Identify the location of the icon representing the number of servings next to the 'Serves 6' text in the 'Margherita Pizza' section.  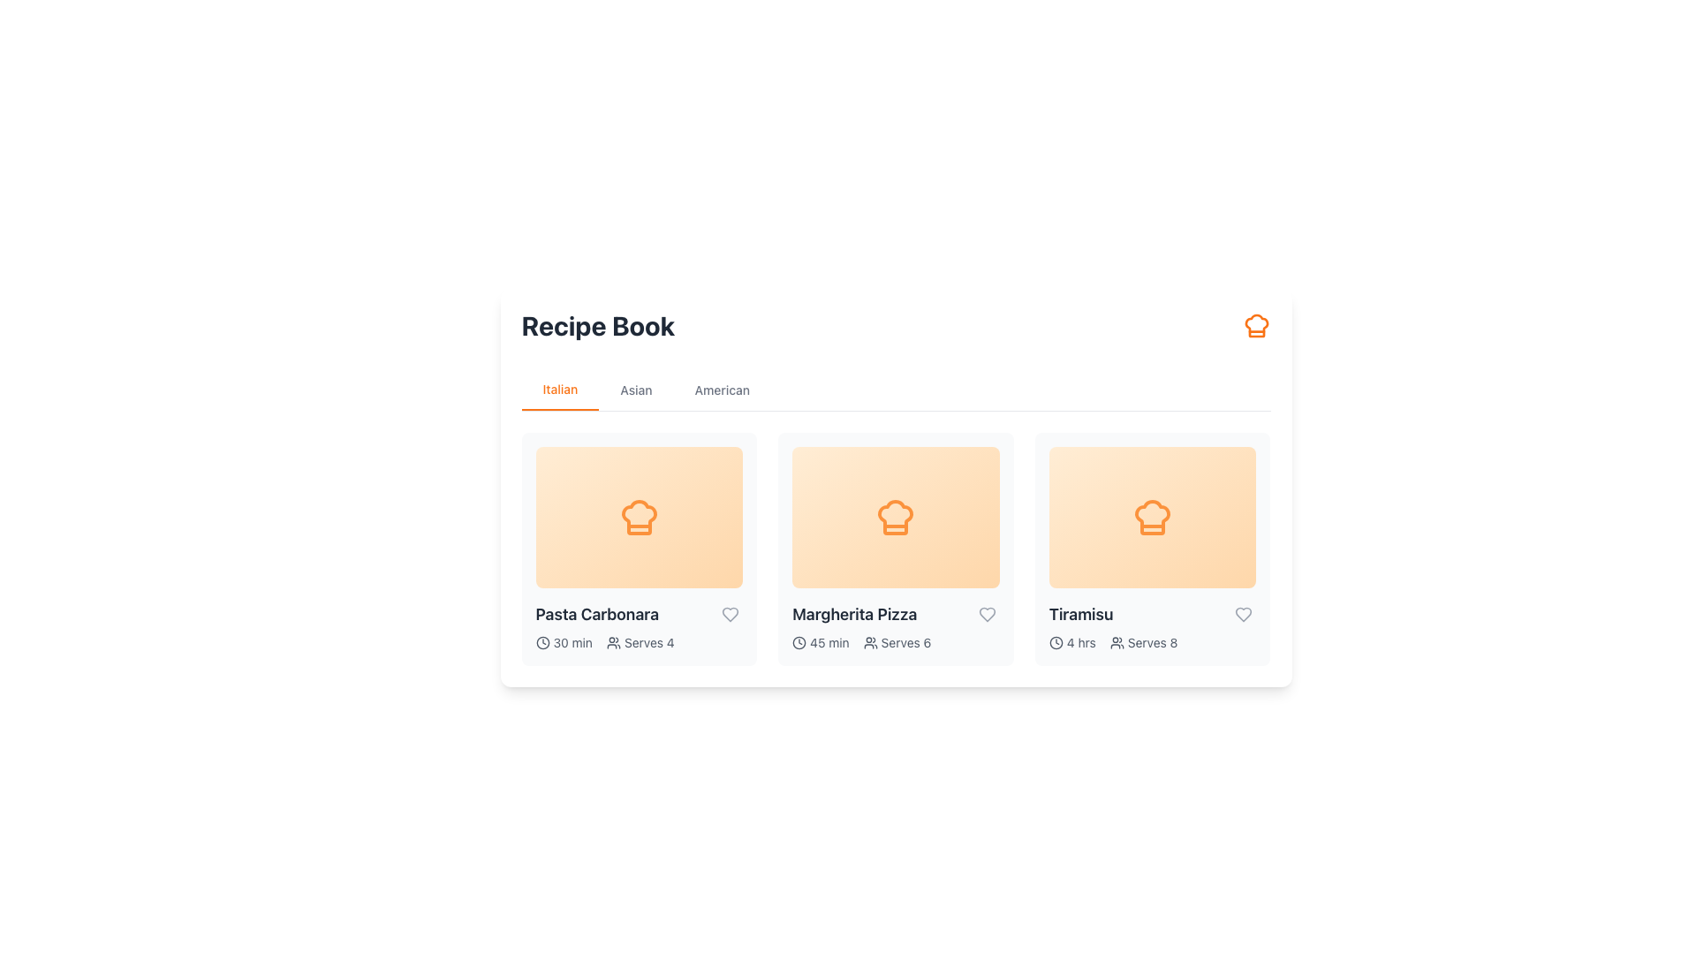
(870, 643).